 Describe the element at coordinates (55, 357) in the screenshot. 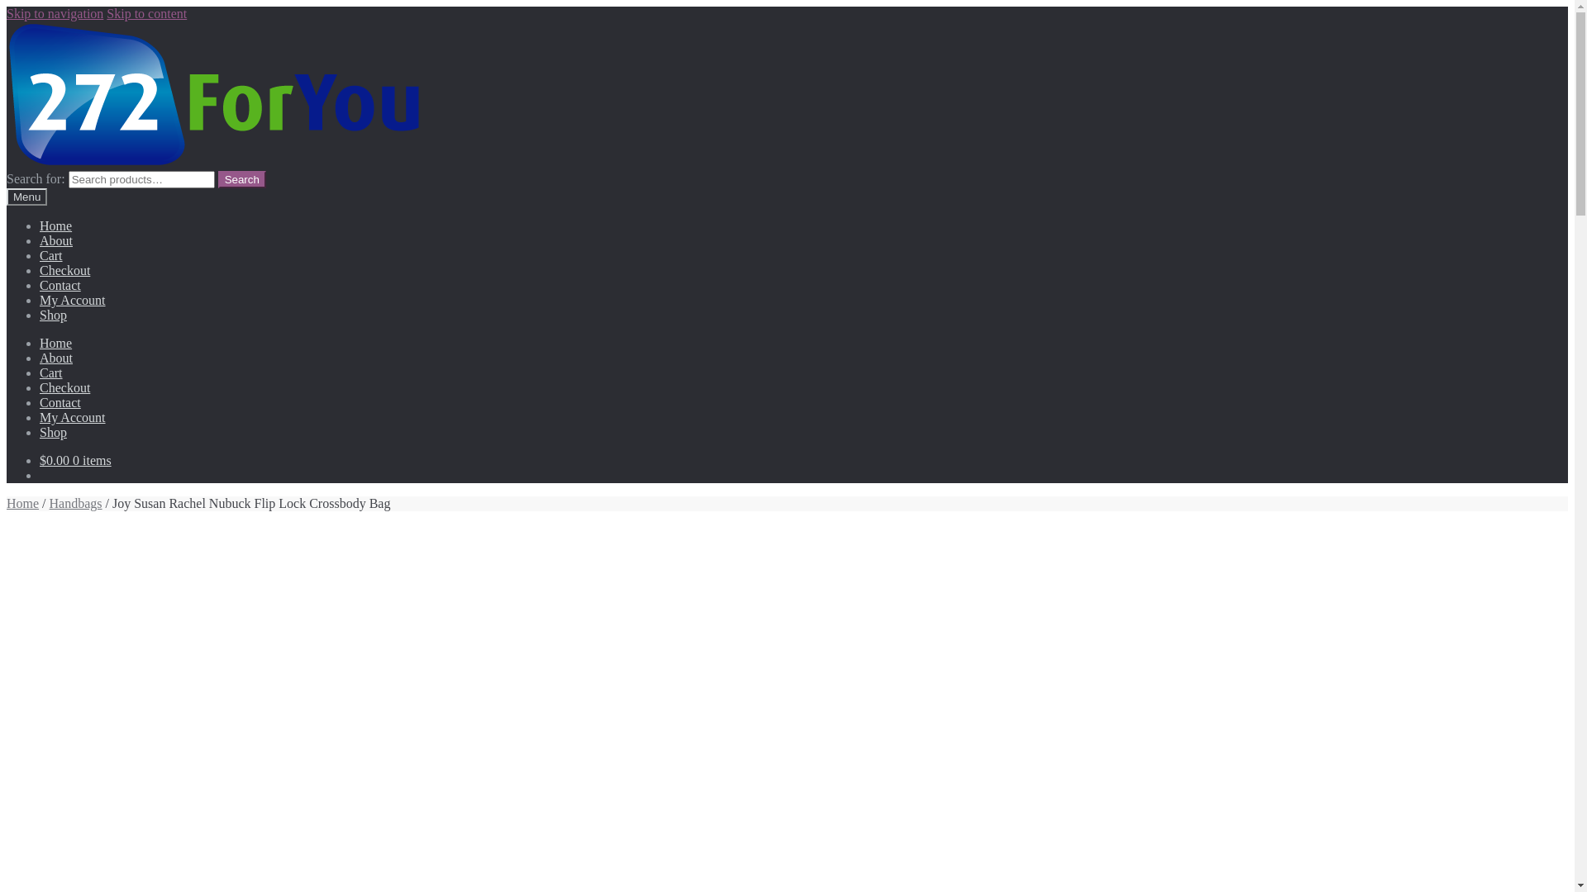

I see `'About'` at that location.